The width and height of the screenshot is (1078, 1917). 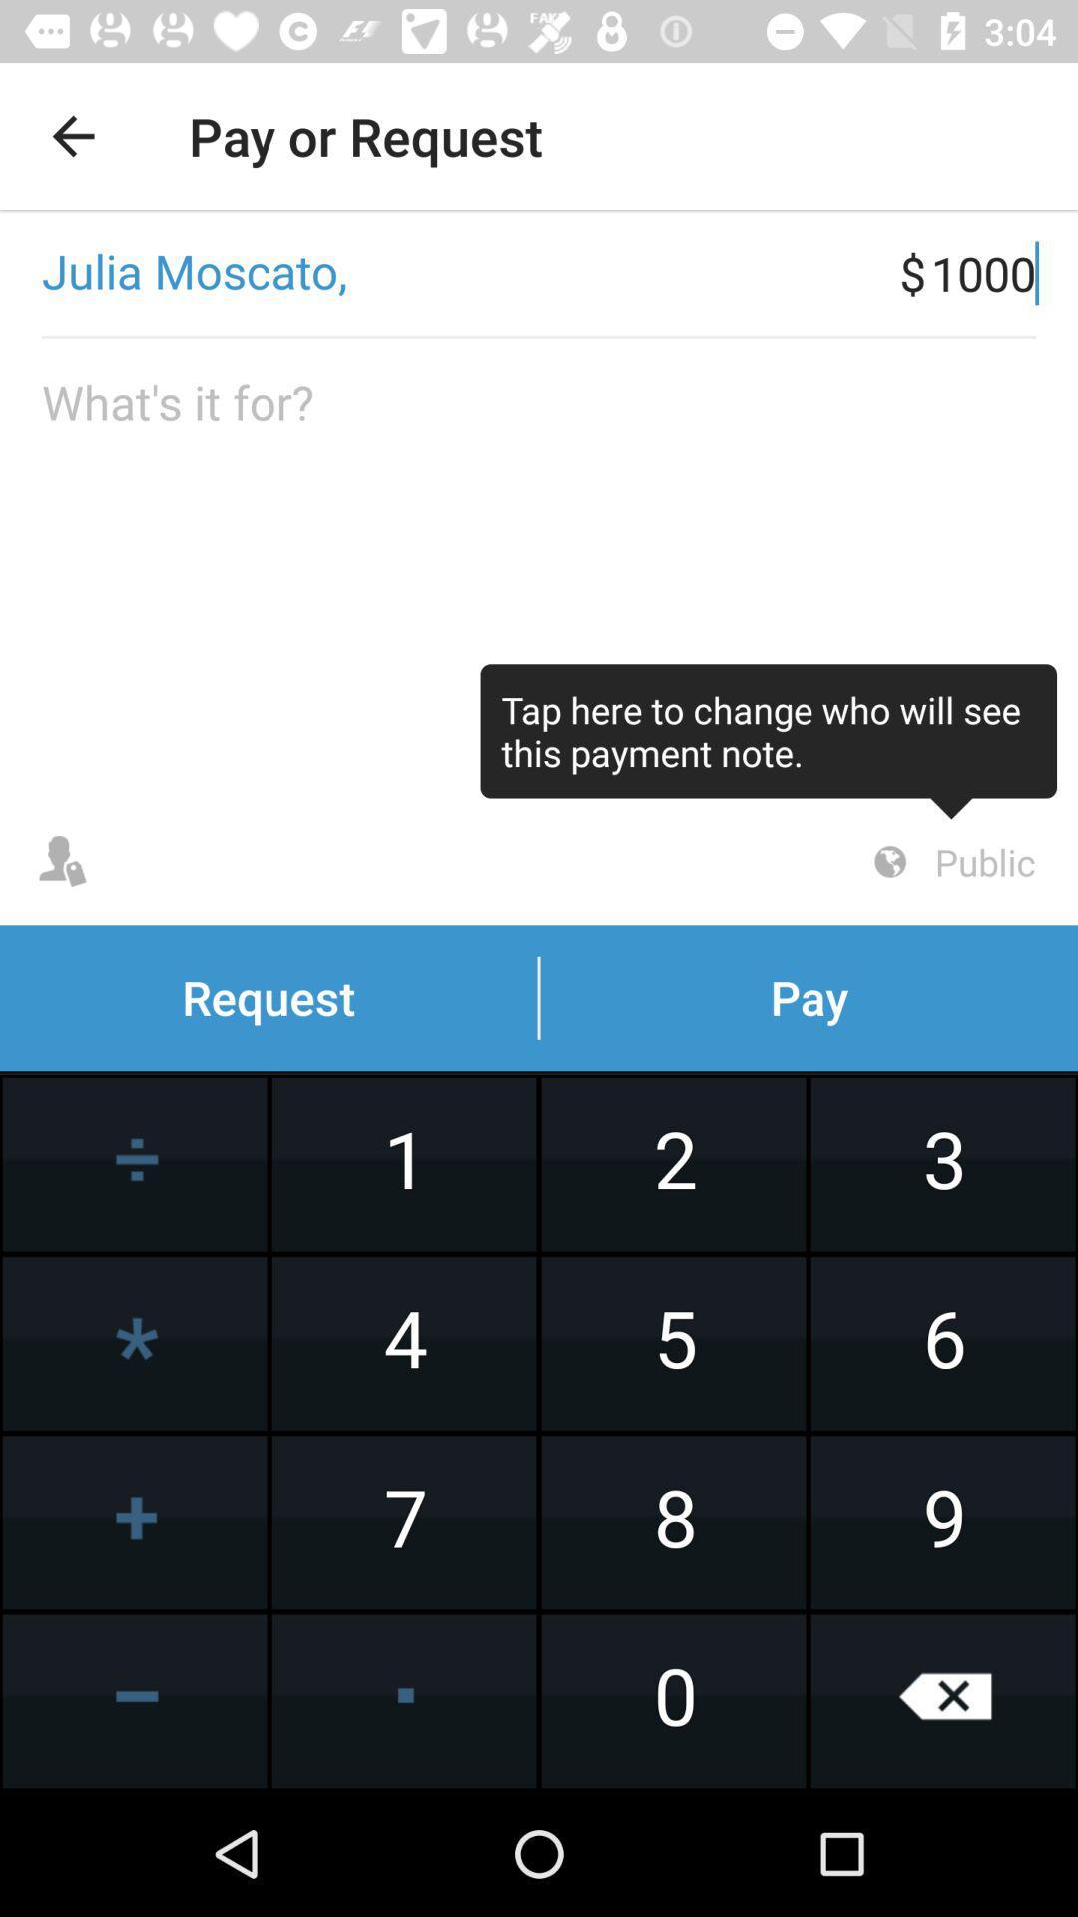 I want to click on item to the left of the pay or request, so click(x=72, y=135).